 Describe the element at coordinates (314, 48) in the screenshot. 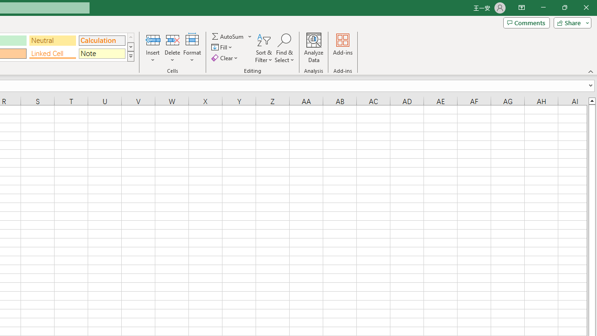

I see `'Analyze Data'` at that location.